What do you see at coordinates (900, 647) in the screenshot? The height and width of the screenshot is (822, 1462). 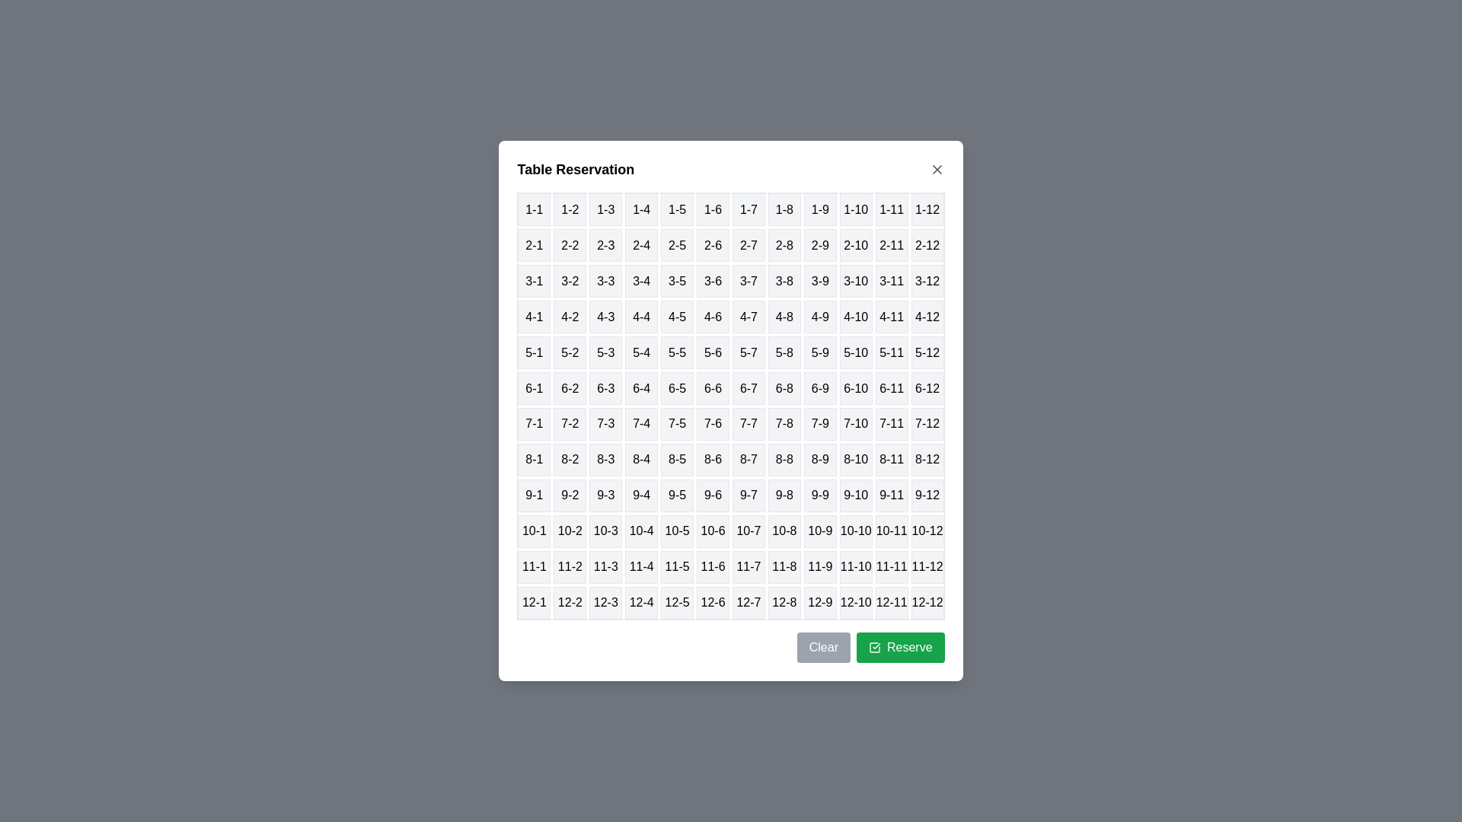 I see `the 'Reserve' button to reserve the selected table cell` at bounding box center [900, 647].